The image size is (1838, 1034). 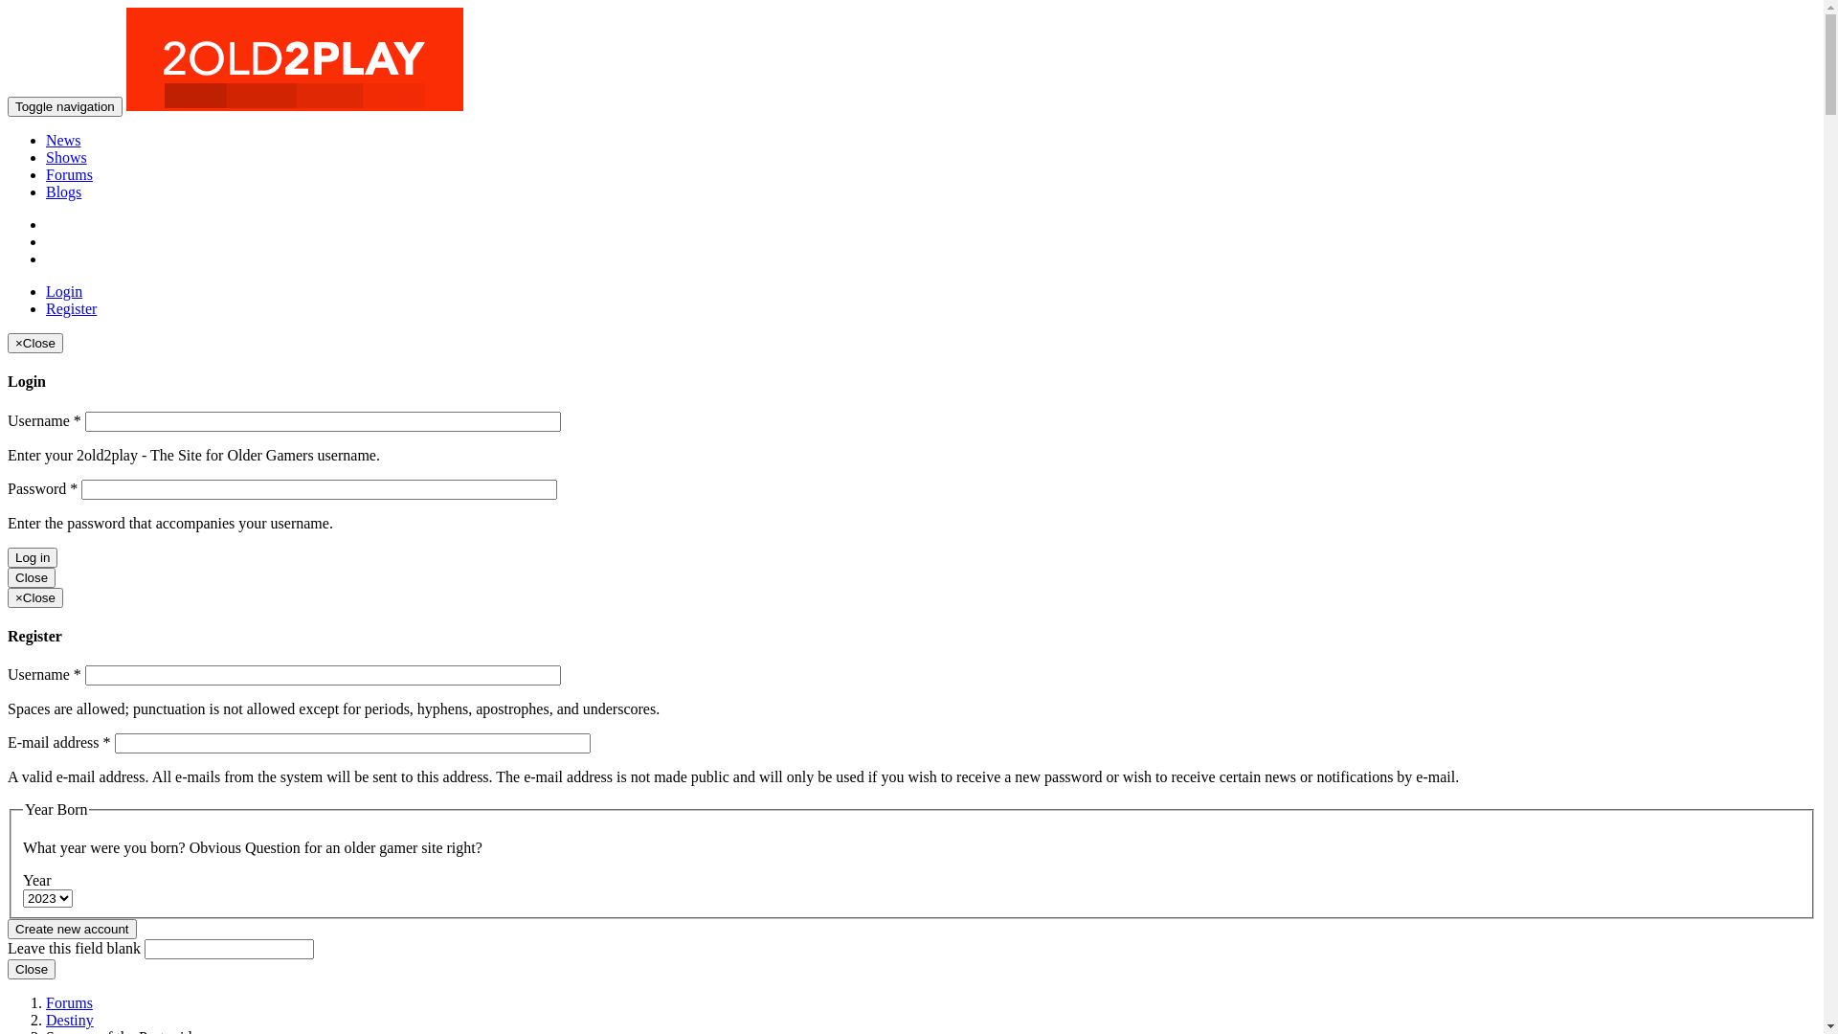 I want to click on 'Toggle navigation', so click(x=64, y=106).